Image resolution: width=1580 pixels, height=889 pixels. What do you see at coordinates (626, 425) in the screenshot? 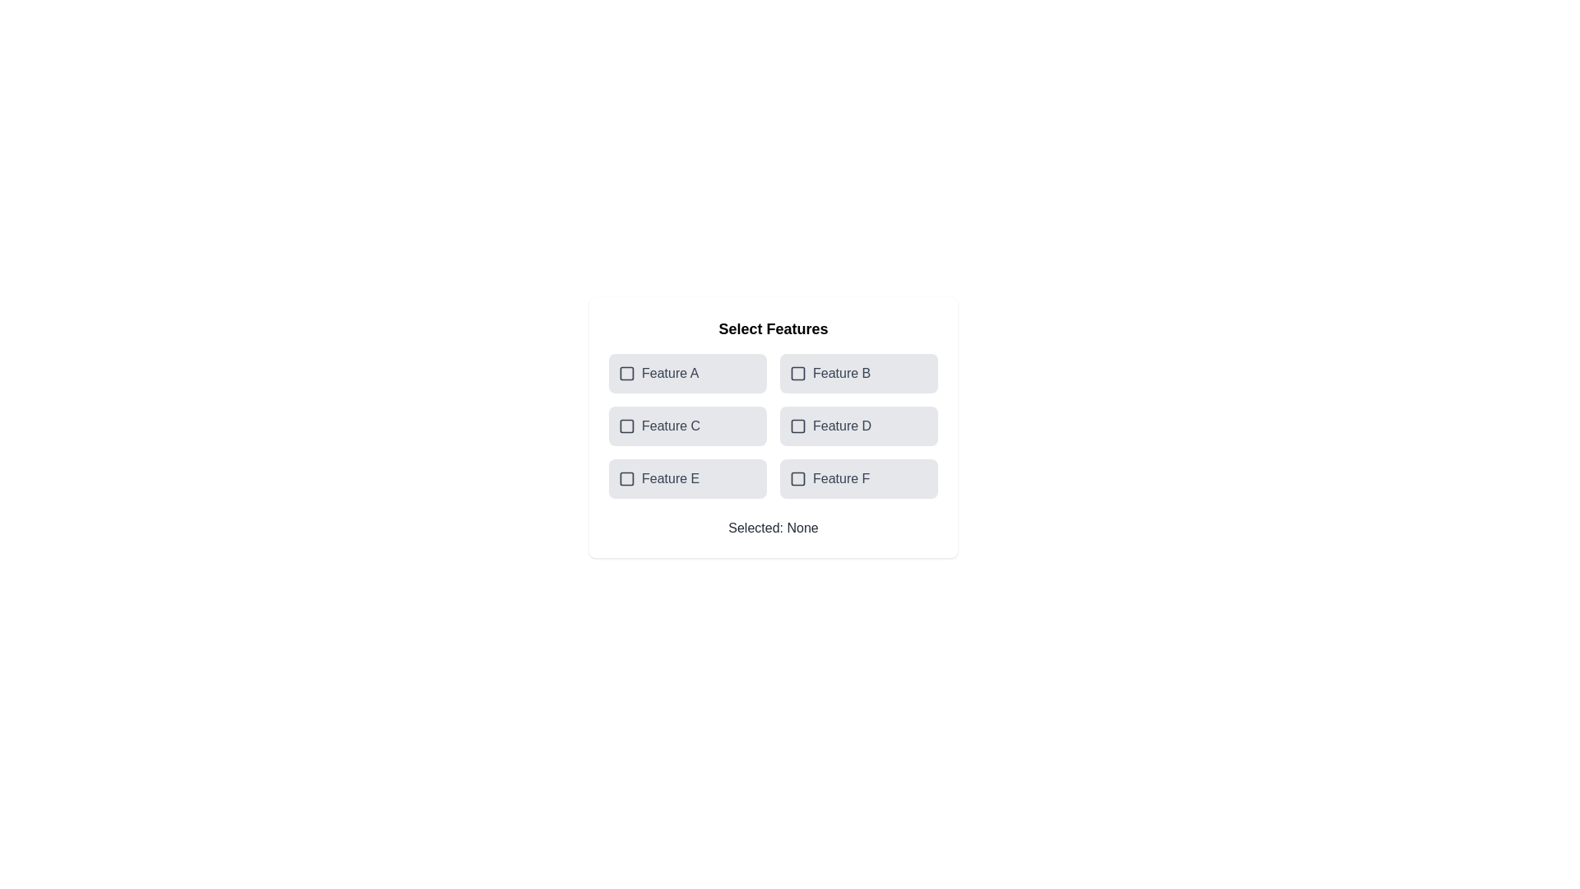
I see `the inactive Checkbox icon located to the left of the label text for 'Feature C'` at bounding box center [626, 425].